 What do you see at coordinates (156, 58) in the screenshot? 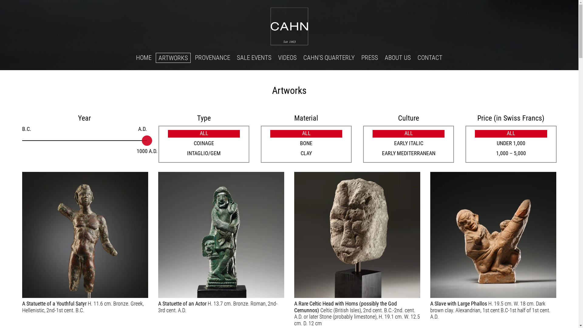
I see `'ARTWORKS'` at bounding box center [156, 58].